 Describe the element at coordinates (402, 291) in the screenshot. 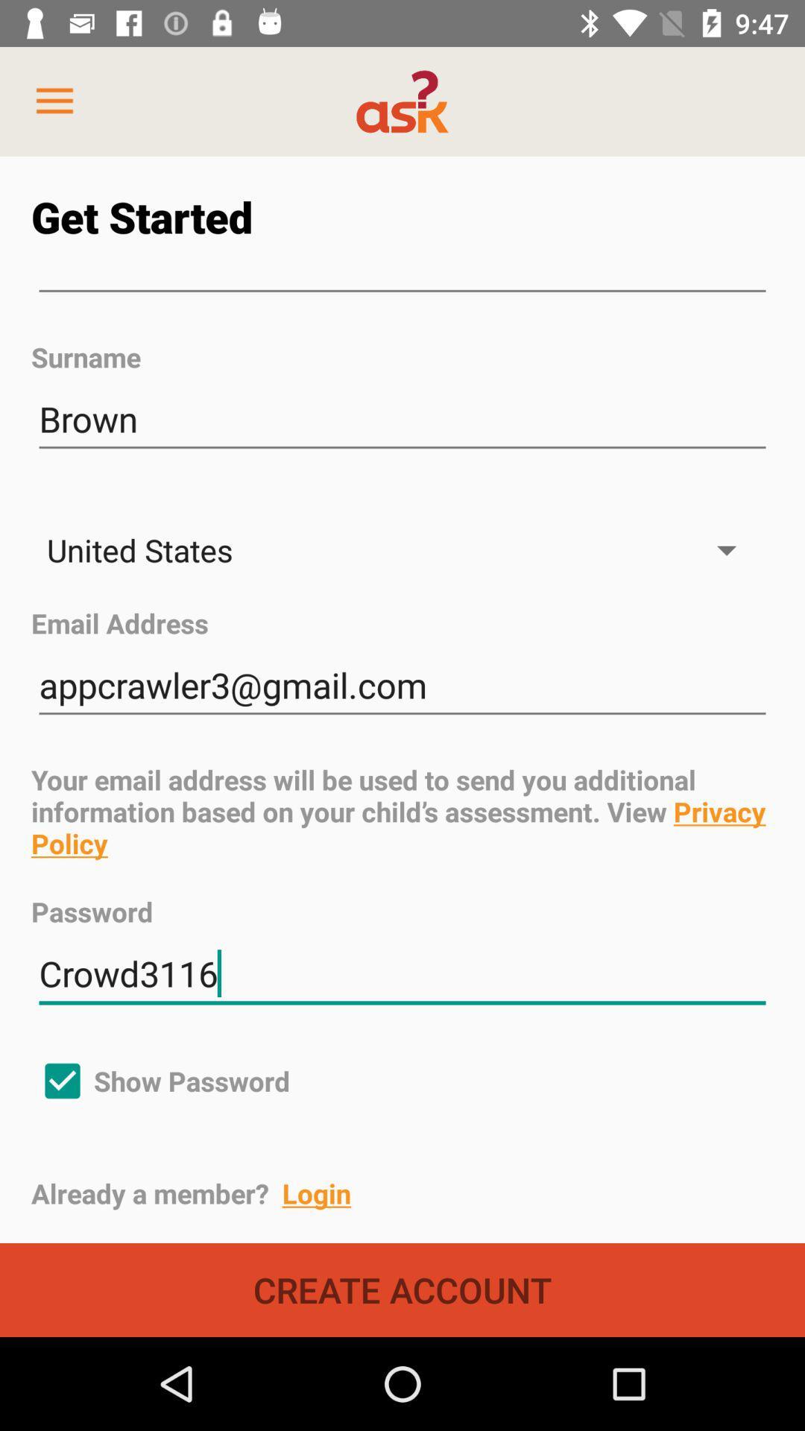

I see `jon item` at that location.